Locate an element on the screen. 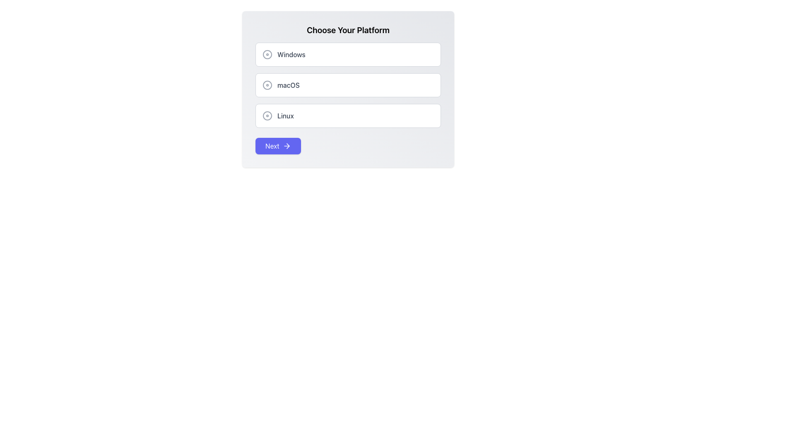  the SVG Circle representing the radio button for the 'Windows' option to indicate selection status is located at coordinates (267, 54).